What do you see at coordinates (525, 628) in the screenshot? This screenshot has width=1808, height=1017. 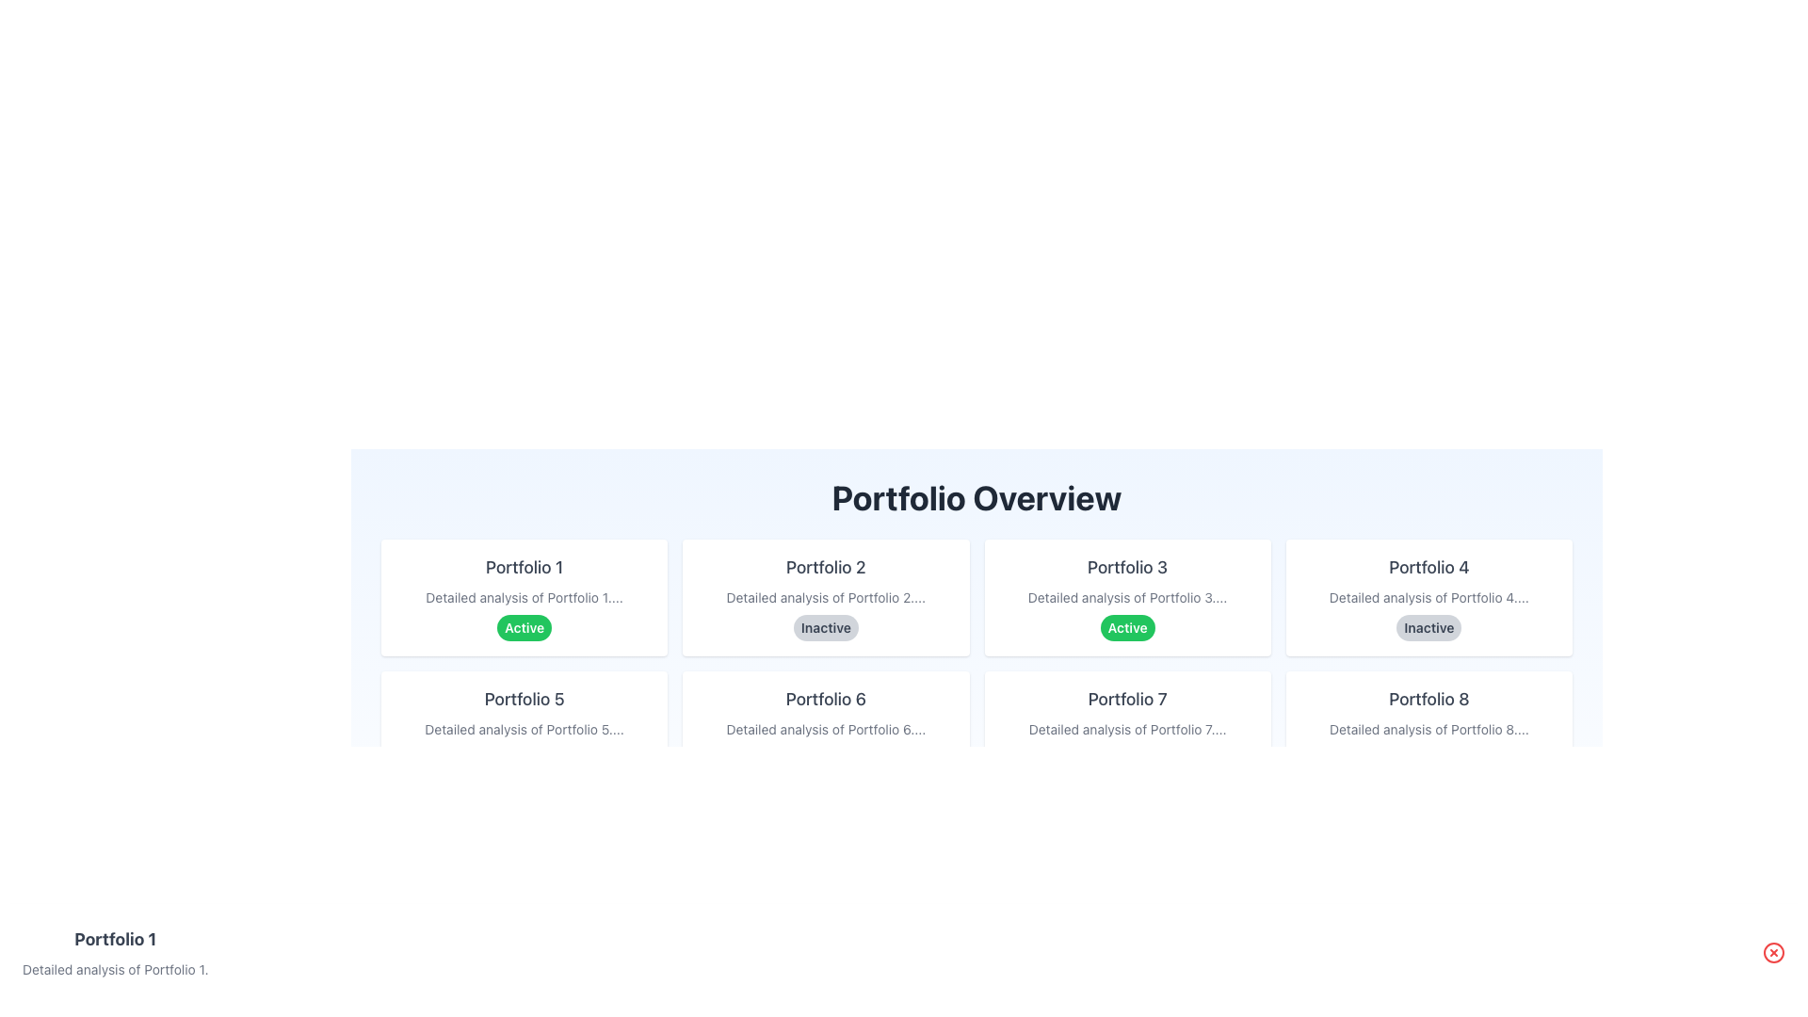 I see `the 'Active' status indication displayed on the green pill-shaped badge located within the 'Portfolio 1' card, below the text 'Detailed analysis of Portfolio 1...'` at bounding box center [525, 628].